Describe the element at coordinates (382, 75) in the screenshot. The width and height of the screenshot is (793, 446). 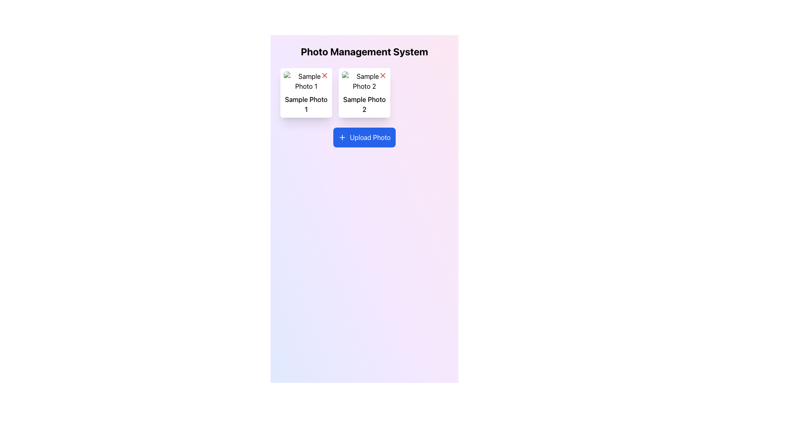
I see `the delete button located in the upper-right corner of the card containing 'Sample Photo 2' to change its color` at that location.